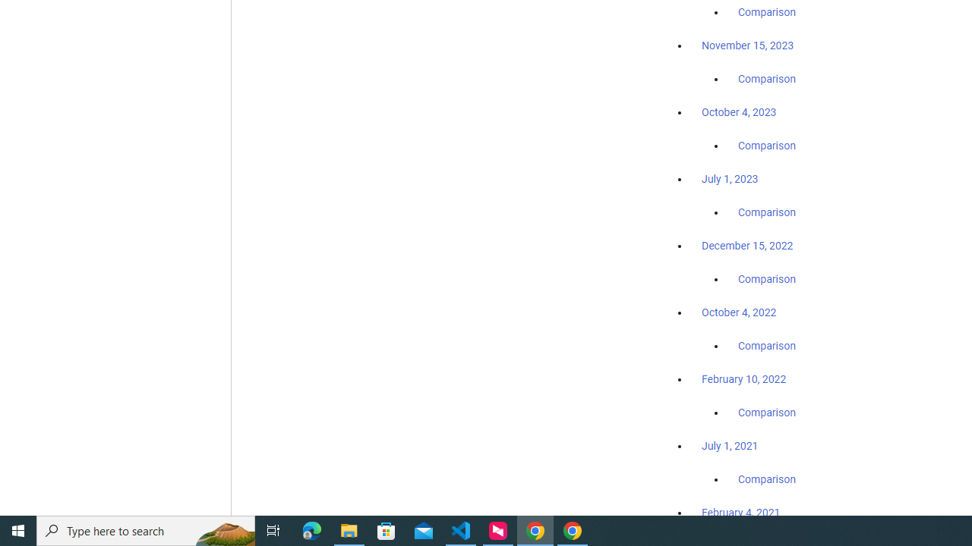 The image size is (972, 546). Describe the element at coordinates (747, 245) in the screenshot. I see `'December 15, 2022'` at that location.